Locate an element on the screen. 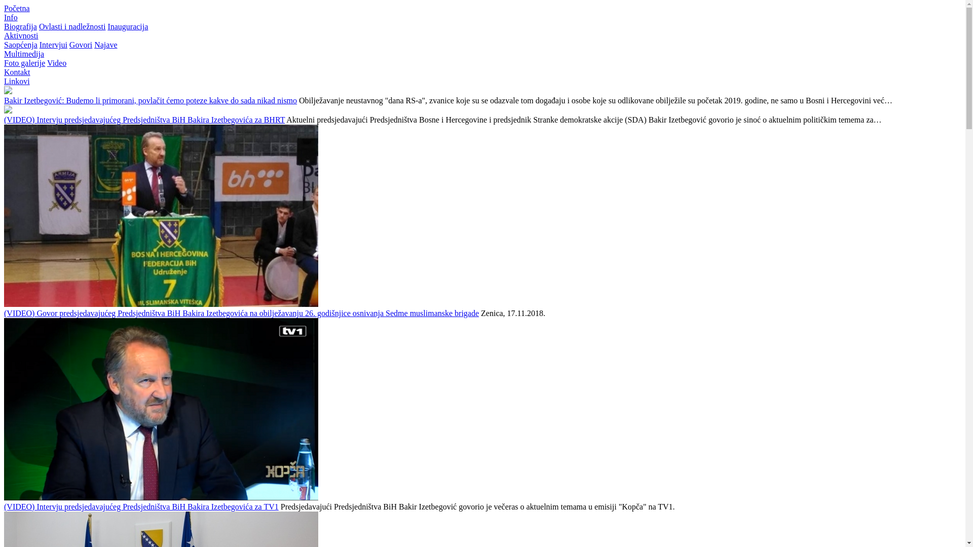  'Intervjui' is located at coordinates (53, 44).